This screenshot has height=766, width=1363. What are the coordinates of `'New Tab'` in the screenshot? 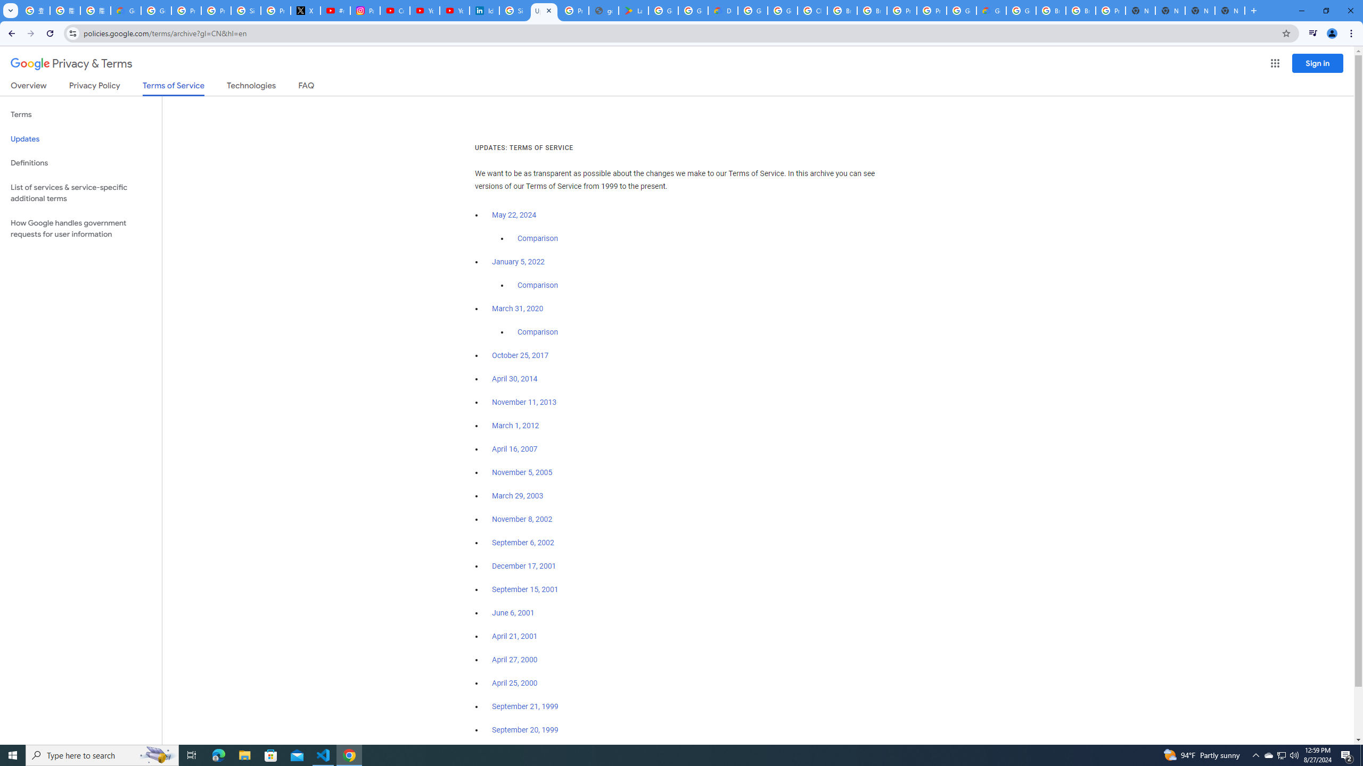 It's located at (1200, 10).